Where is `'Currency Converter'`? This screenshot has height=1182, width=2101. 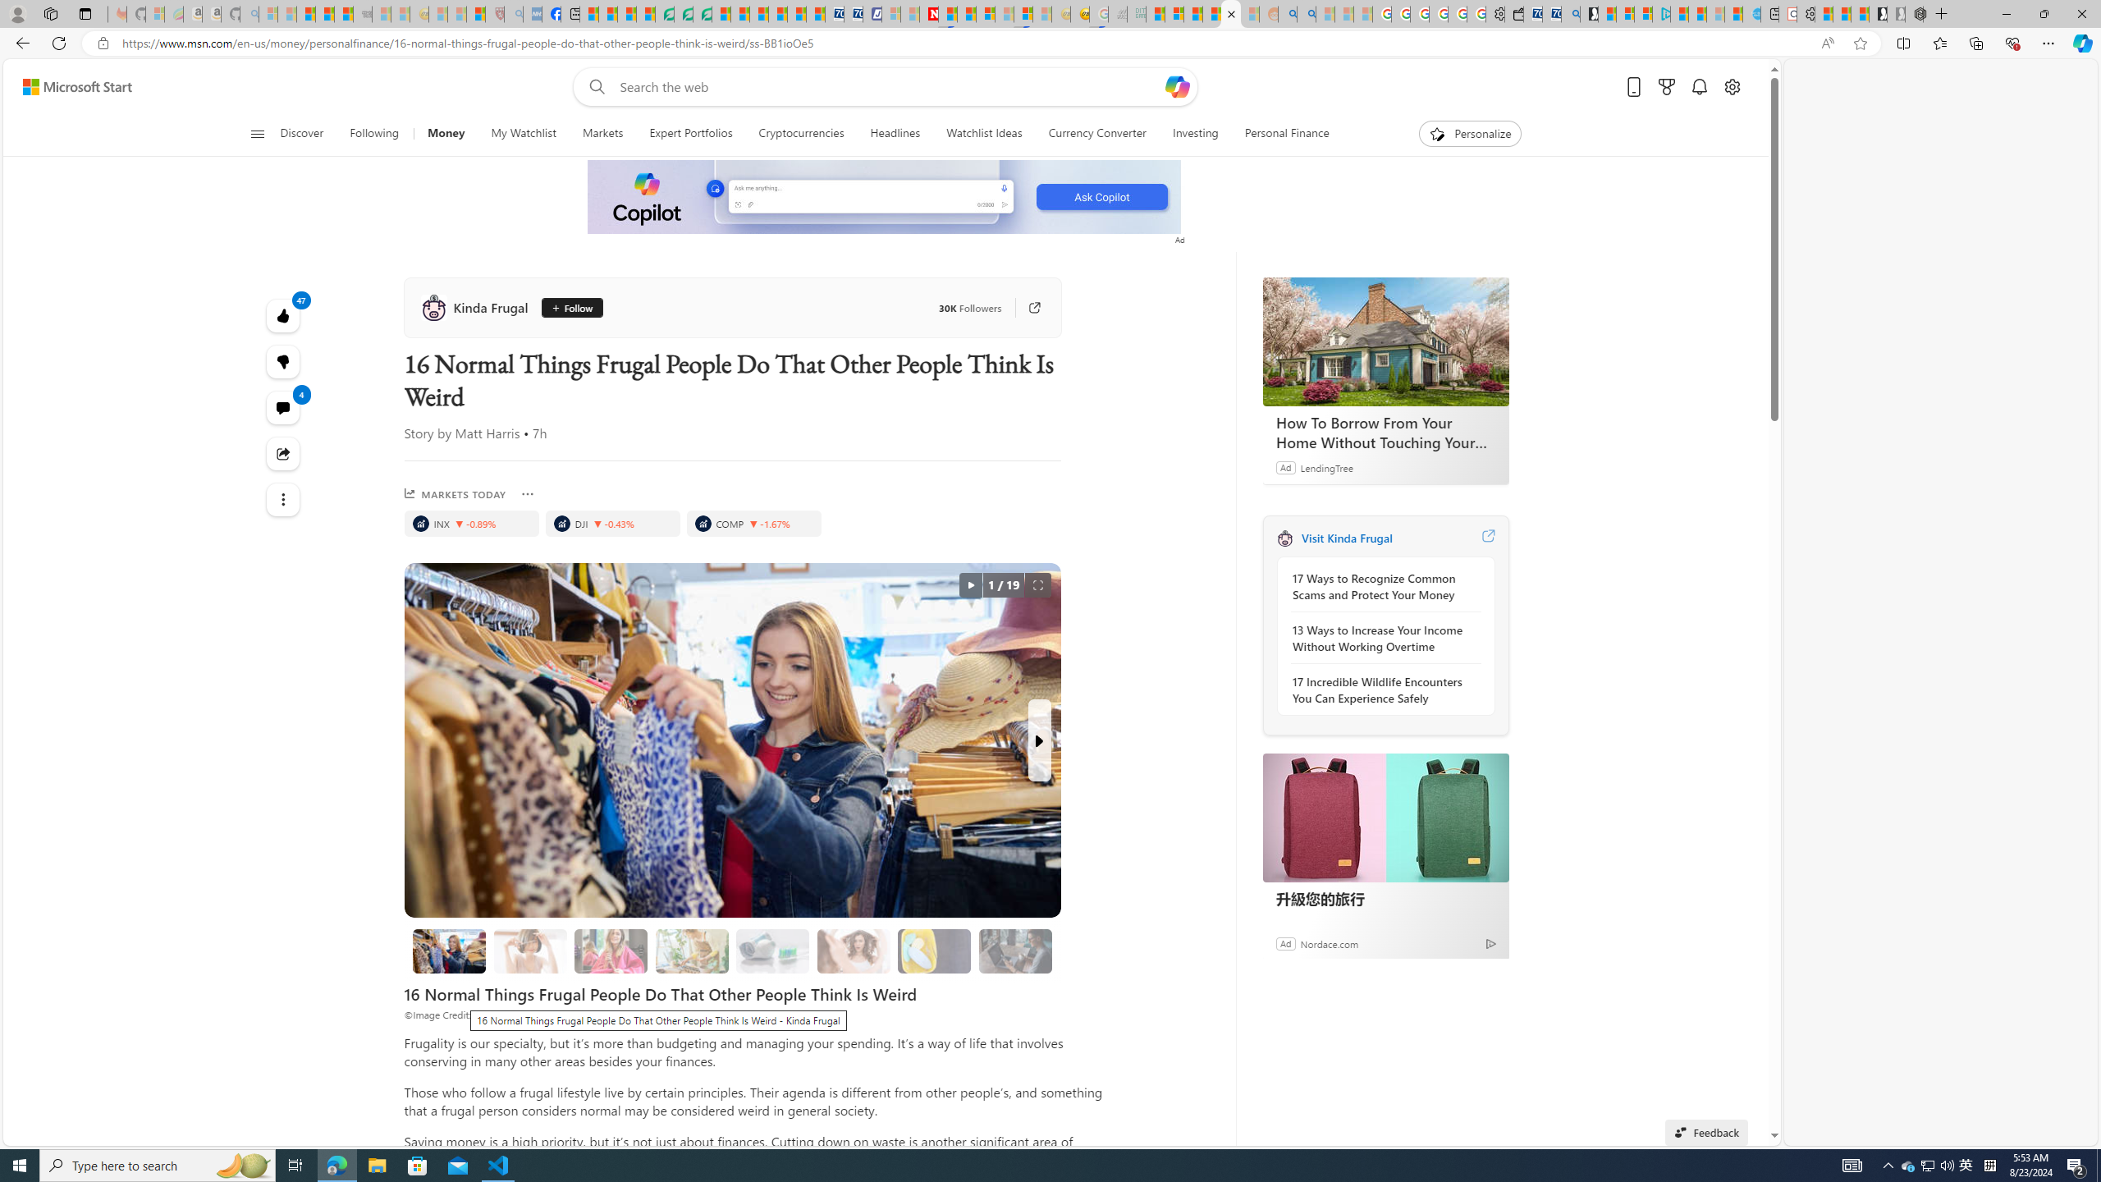 'Currency Converter' is located at coordinates (1097, 133).